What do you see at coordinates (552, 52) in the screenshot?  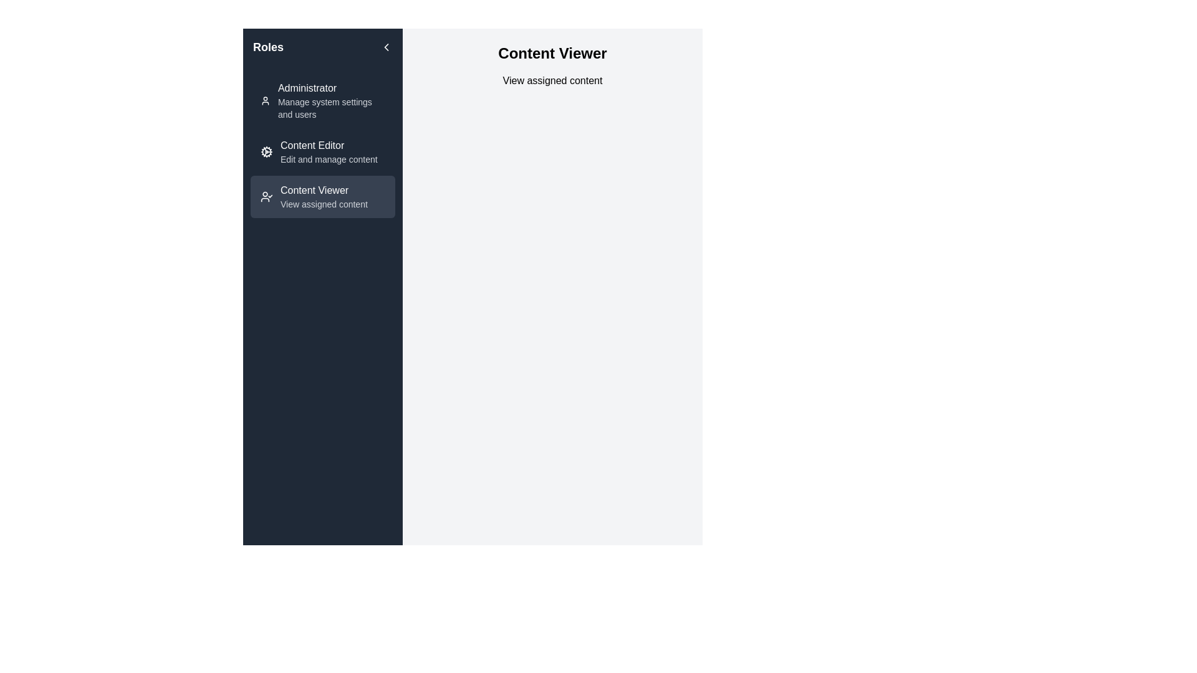 I see `the Text Block (Heading) which serves as the title for the section located at the top of the right content panel` at bounding box center [552, 52].